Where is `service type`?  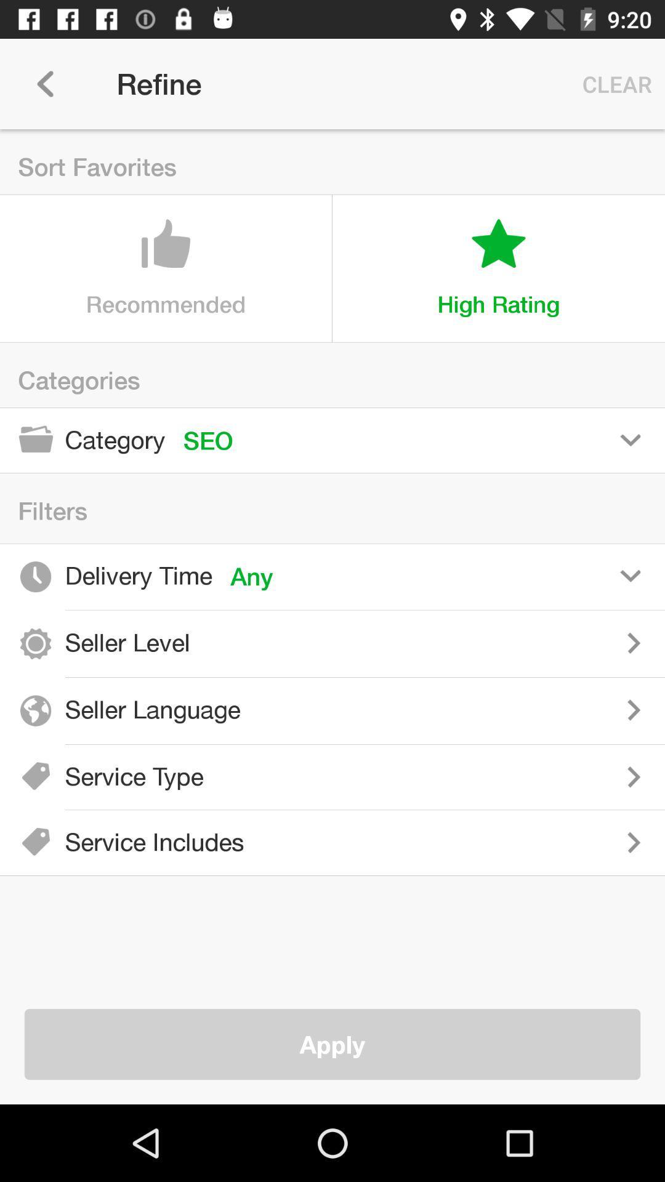 service type is located at coordinates (443, 776).